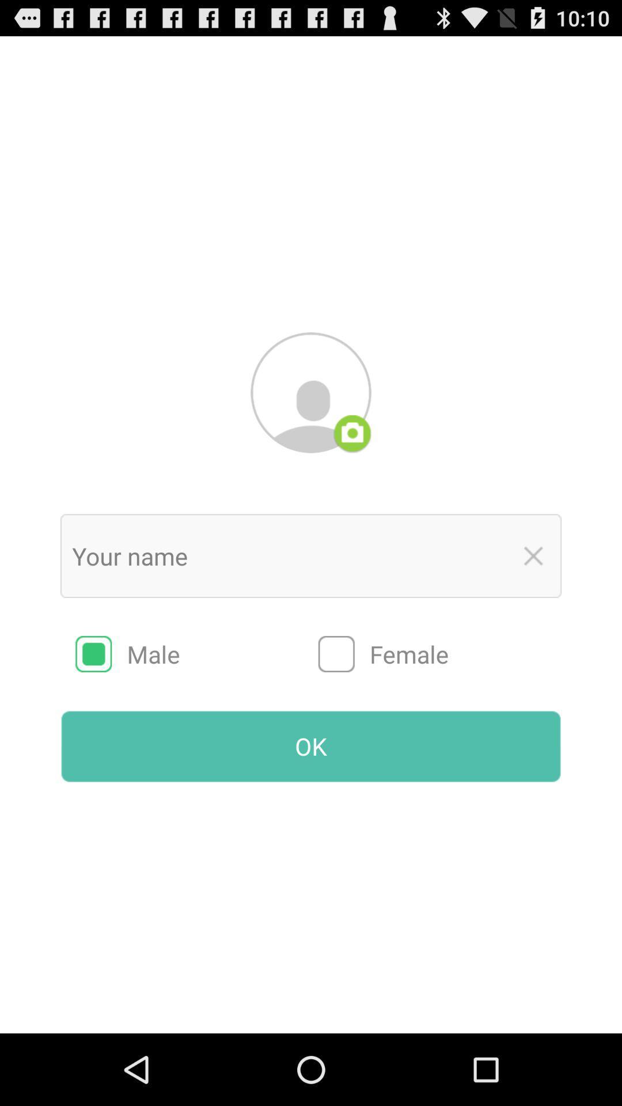  I want to click on radio button to the left of female, so click(196, 654).